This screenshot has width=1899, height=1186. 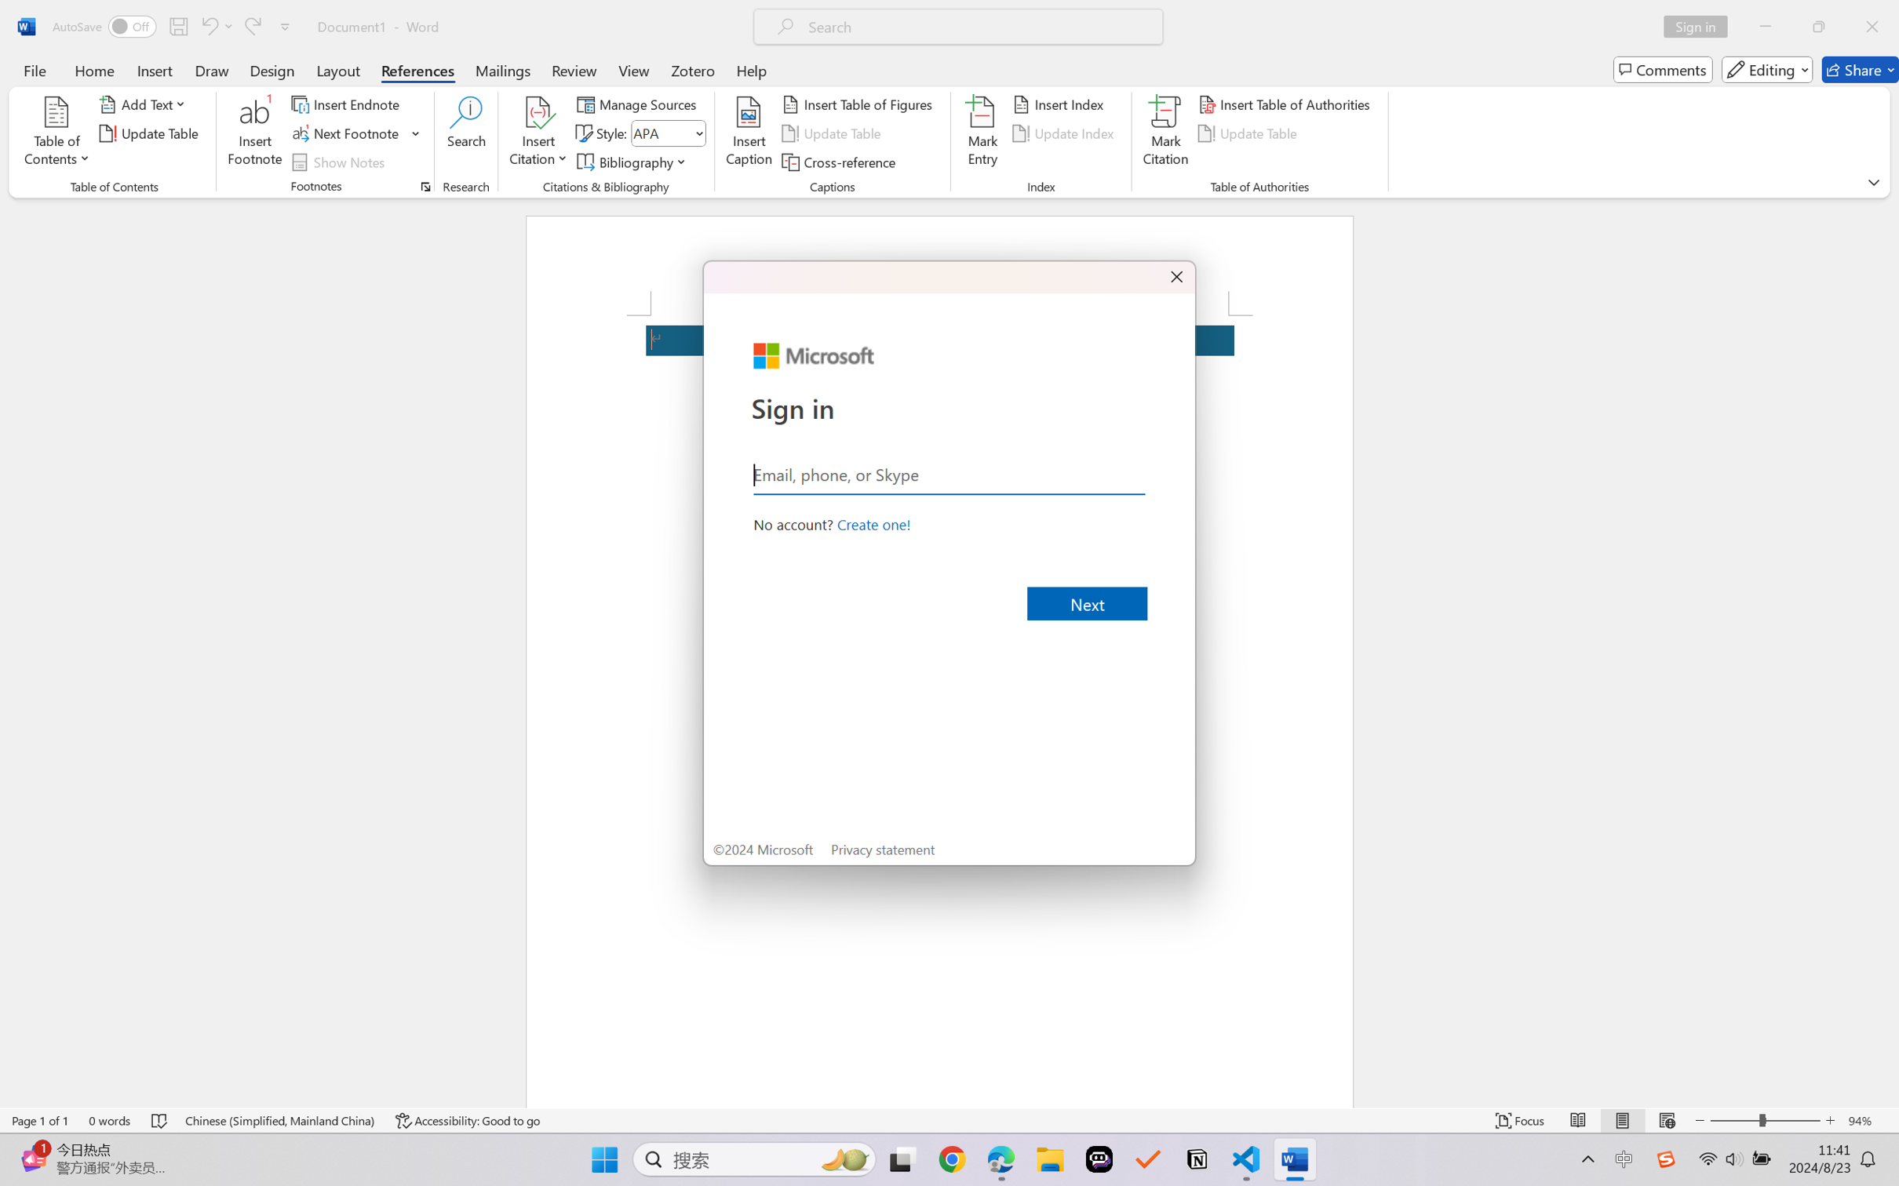 What do you see at coordinates (1286, 103) in the screenshot?
I see `'Insert Table of Authorities...'` at bounding box center [1286, 103].